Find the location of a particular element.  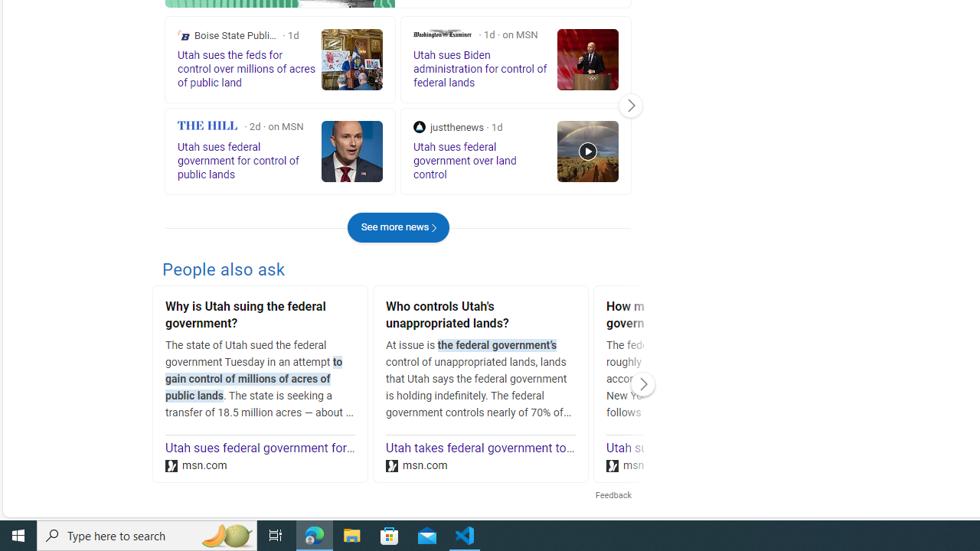

'justthenews' is located at coordinates (419, 126).